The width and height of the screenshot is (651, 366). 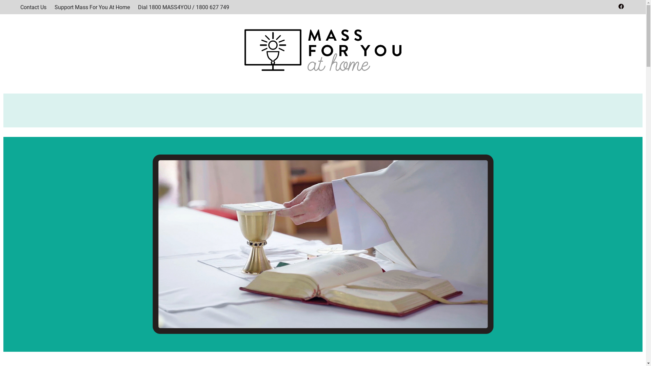 What do you see at coordinates (183, 7) in the screenshot?
I see `'Dial 1800 MASS4YOU / 1800 627 749'` at bounding box center [183, 7].